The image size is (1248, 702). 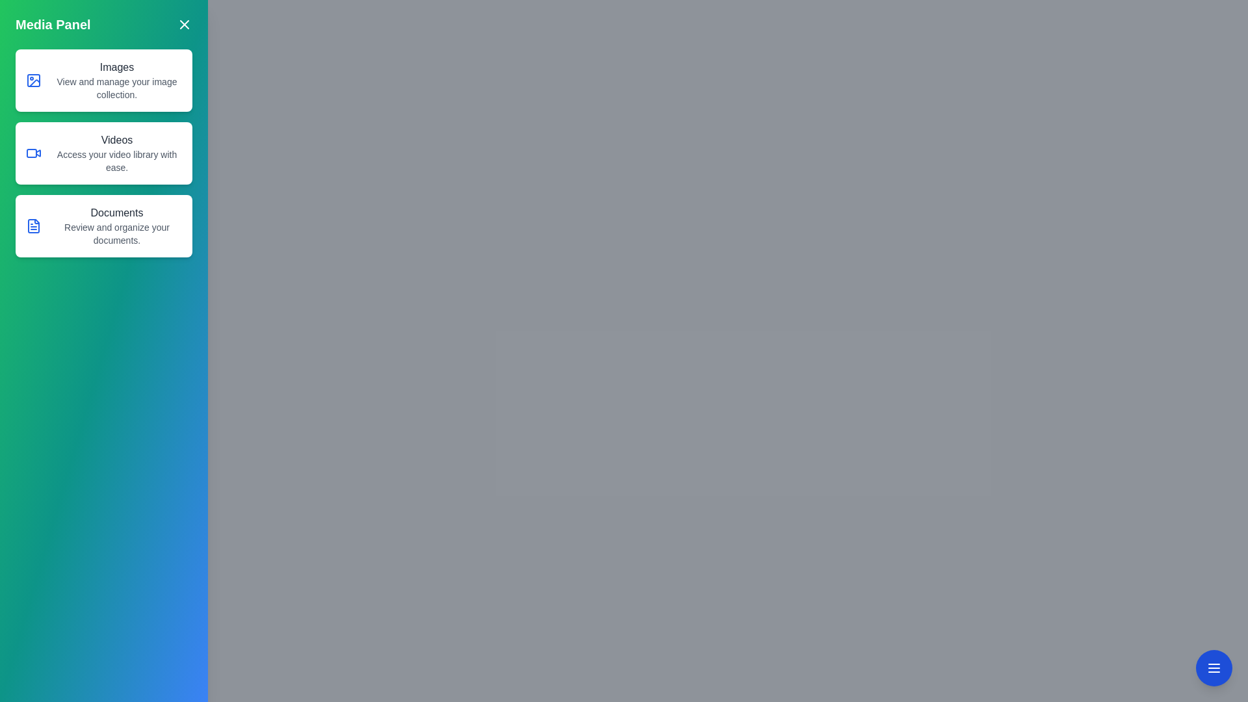 What do you see at coordinates (34, 225) in the screenshot?
I see `the non-interactive 'Documents' icon located in the third card of the left-side panel` at bounding box center [34, 225].